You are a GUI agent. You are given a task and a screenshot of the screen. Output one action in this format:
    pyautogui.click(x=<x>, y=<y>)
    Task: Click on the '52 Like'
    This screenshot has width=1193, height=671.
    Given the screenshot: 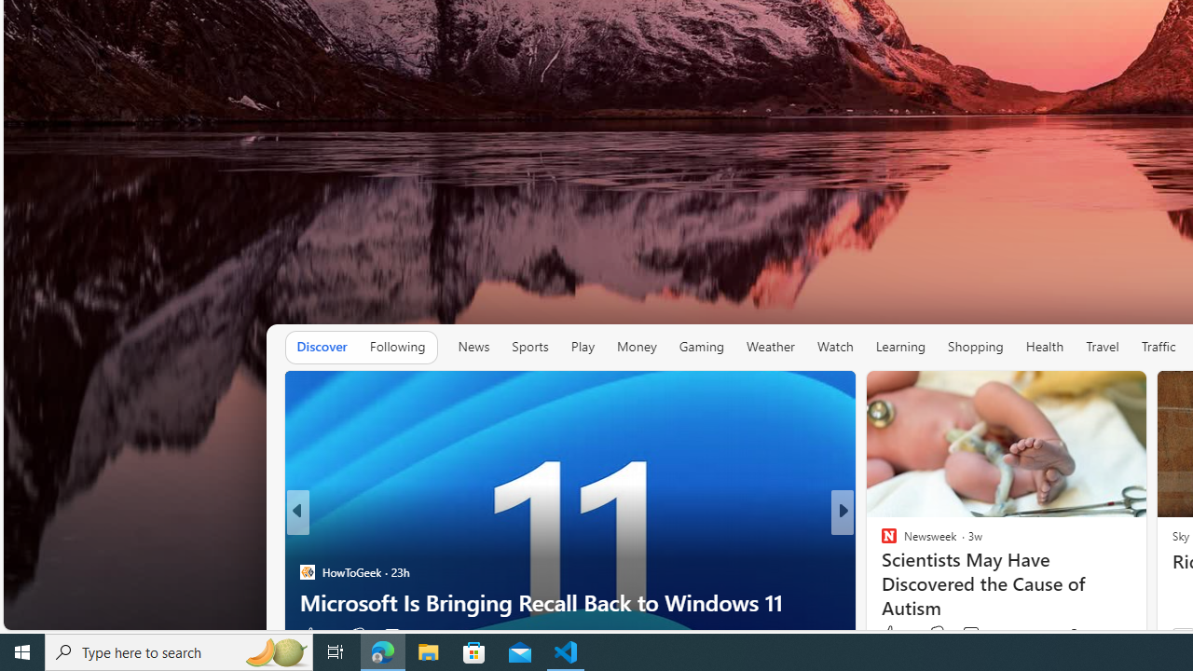 What is the action you would take?
    pyautogui.click(x=890, y=634)
    